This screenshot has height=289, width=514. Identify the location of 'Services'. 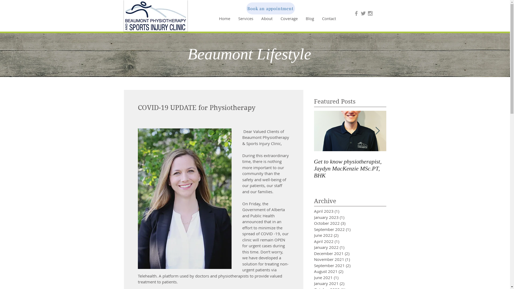
(245, 18).